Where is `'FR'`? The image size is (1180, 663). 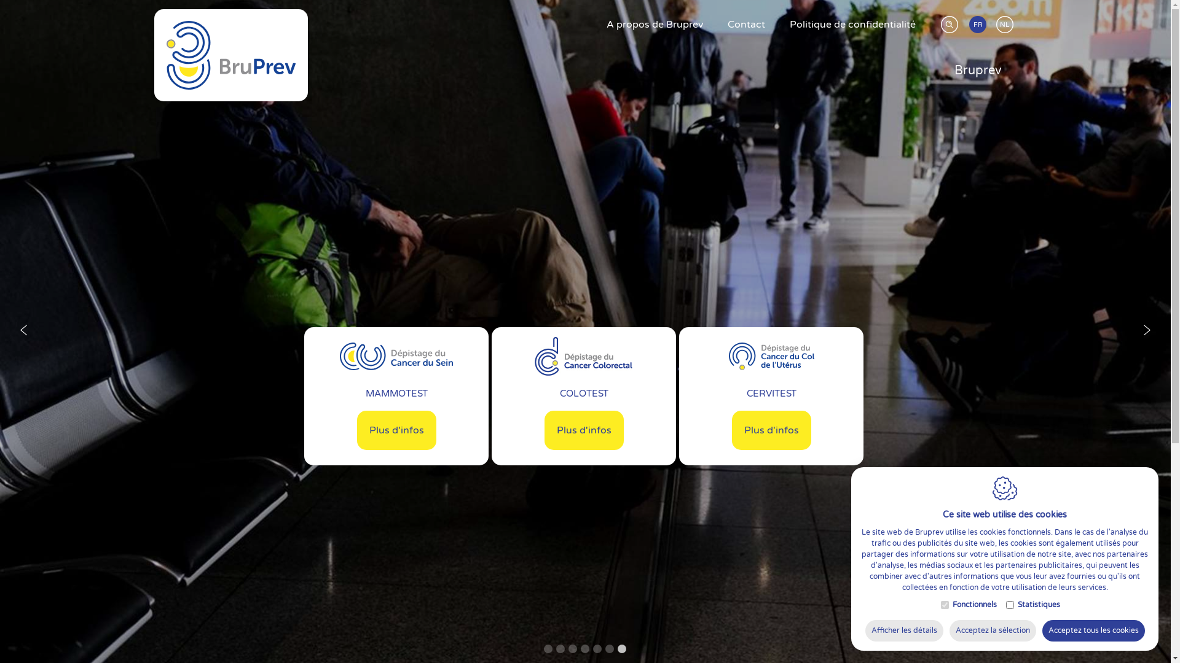 'FR' is located at coordinates (980, 28).